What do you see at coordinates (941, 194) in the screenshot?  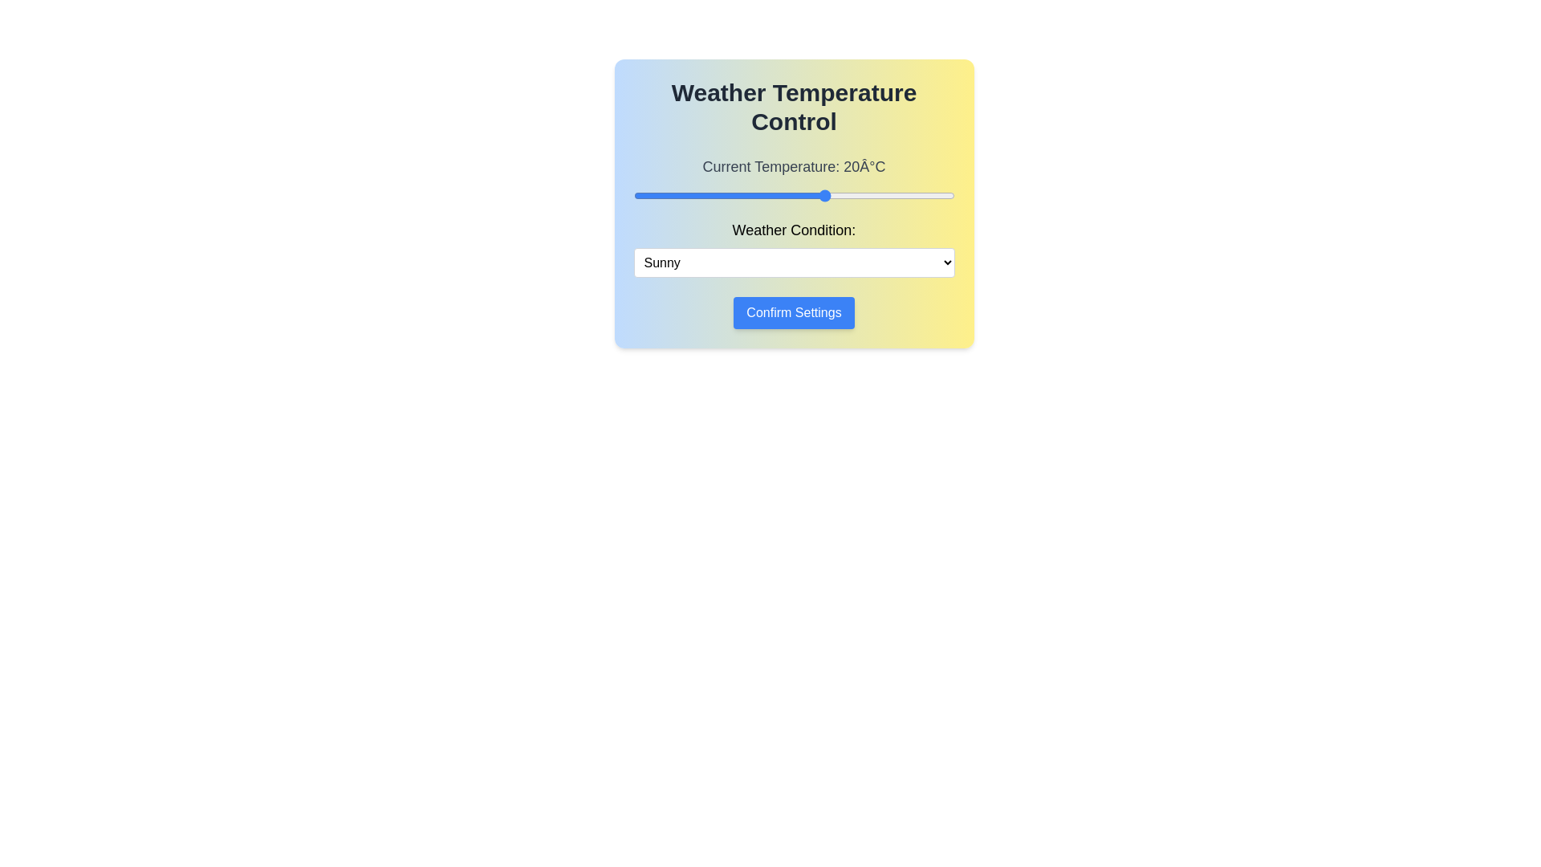 I see `the temperature slider to set the temperature to 38°C` at bounding box center [941, 194].